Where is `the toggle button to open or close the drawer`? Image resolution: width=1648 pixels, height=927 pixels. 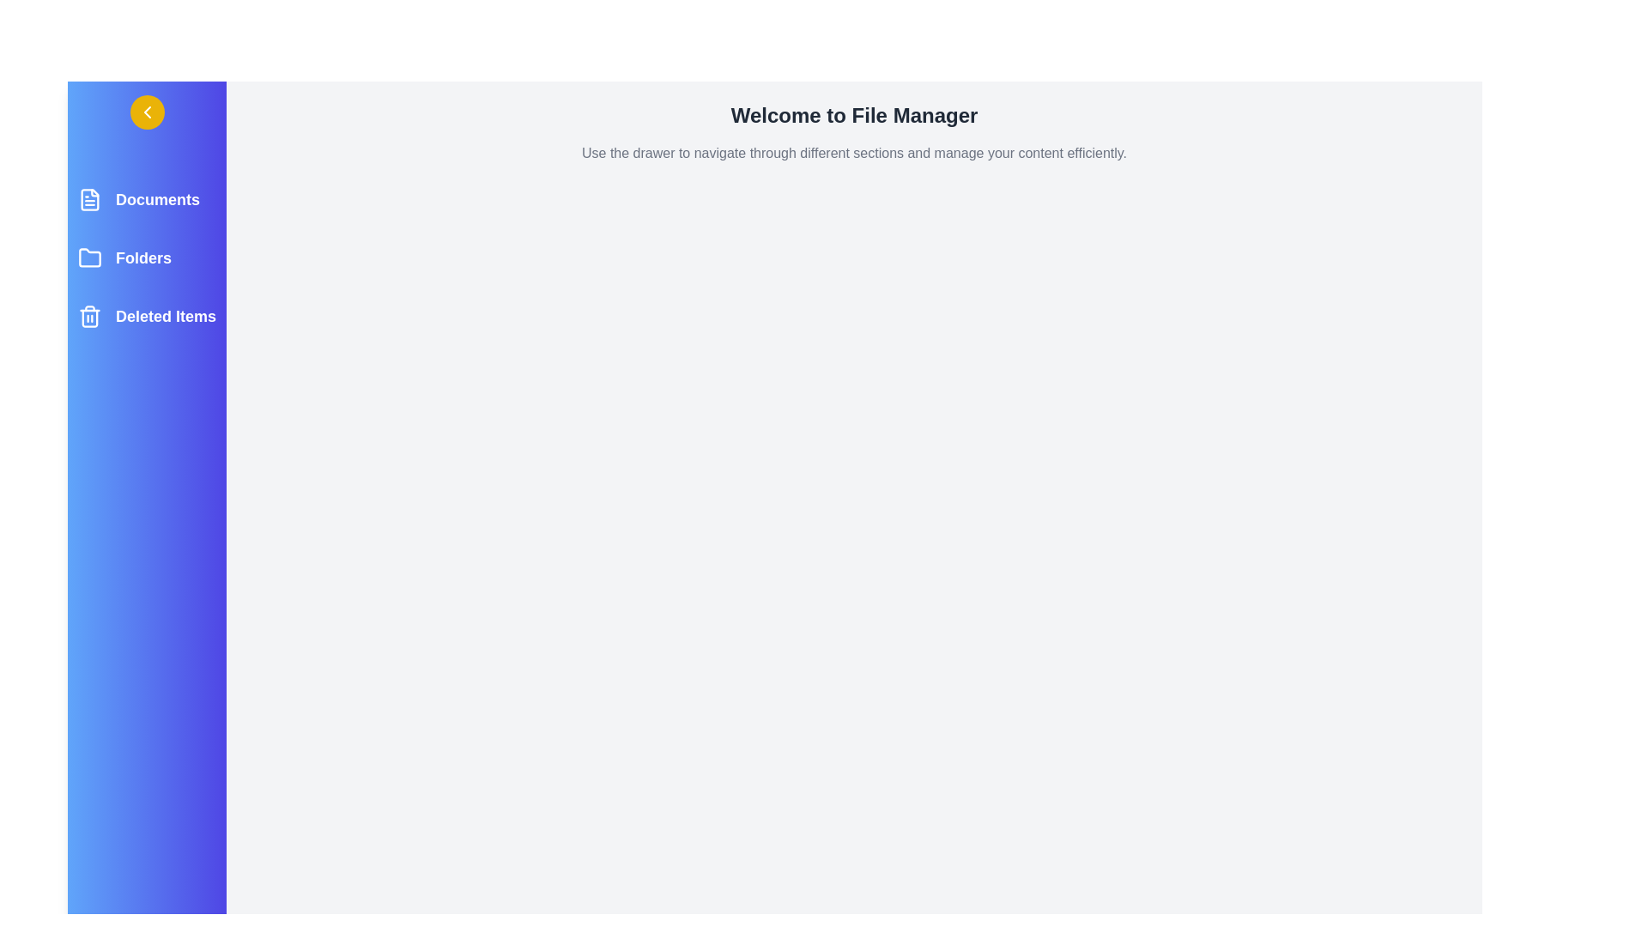 the toggle button to open or close the drawer is located at coordinates (147, 112).